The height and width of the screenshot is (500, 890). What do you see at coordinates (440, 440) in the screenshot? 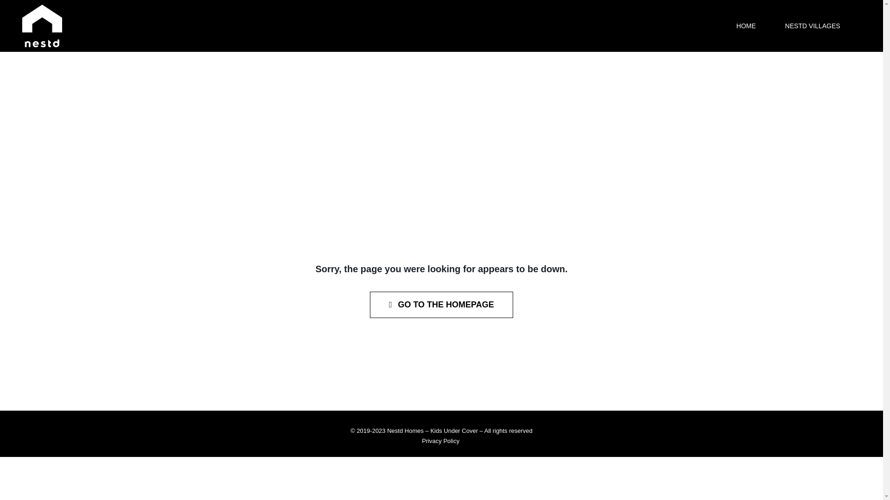
I see `'Privacy Policy'` at bounding box center [440, 440].